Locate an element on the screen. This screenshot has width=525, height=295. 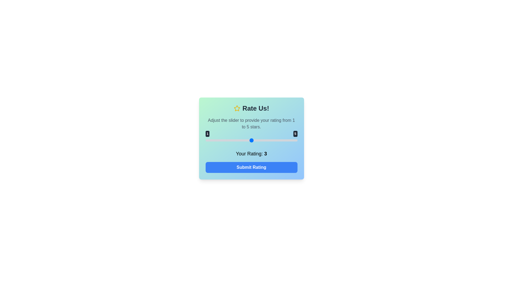
the slider to set the rating to 1 is located at coordinates (205, 140).